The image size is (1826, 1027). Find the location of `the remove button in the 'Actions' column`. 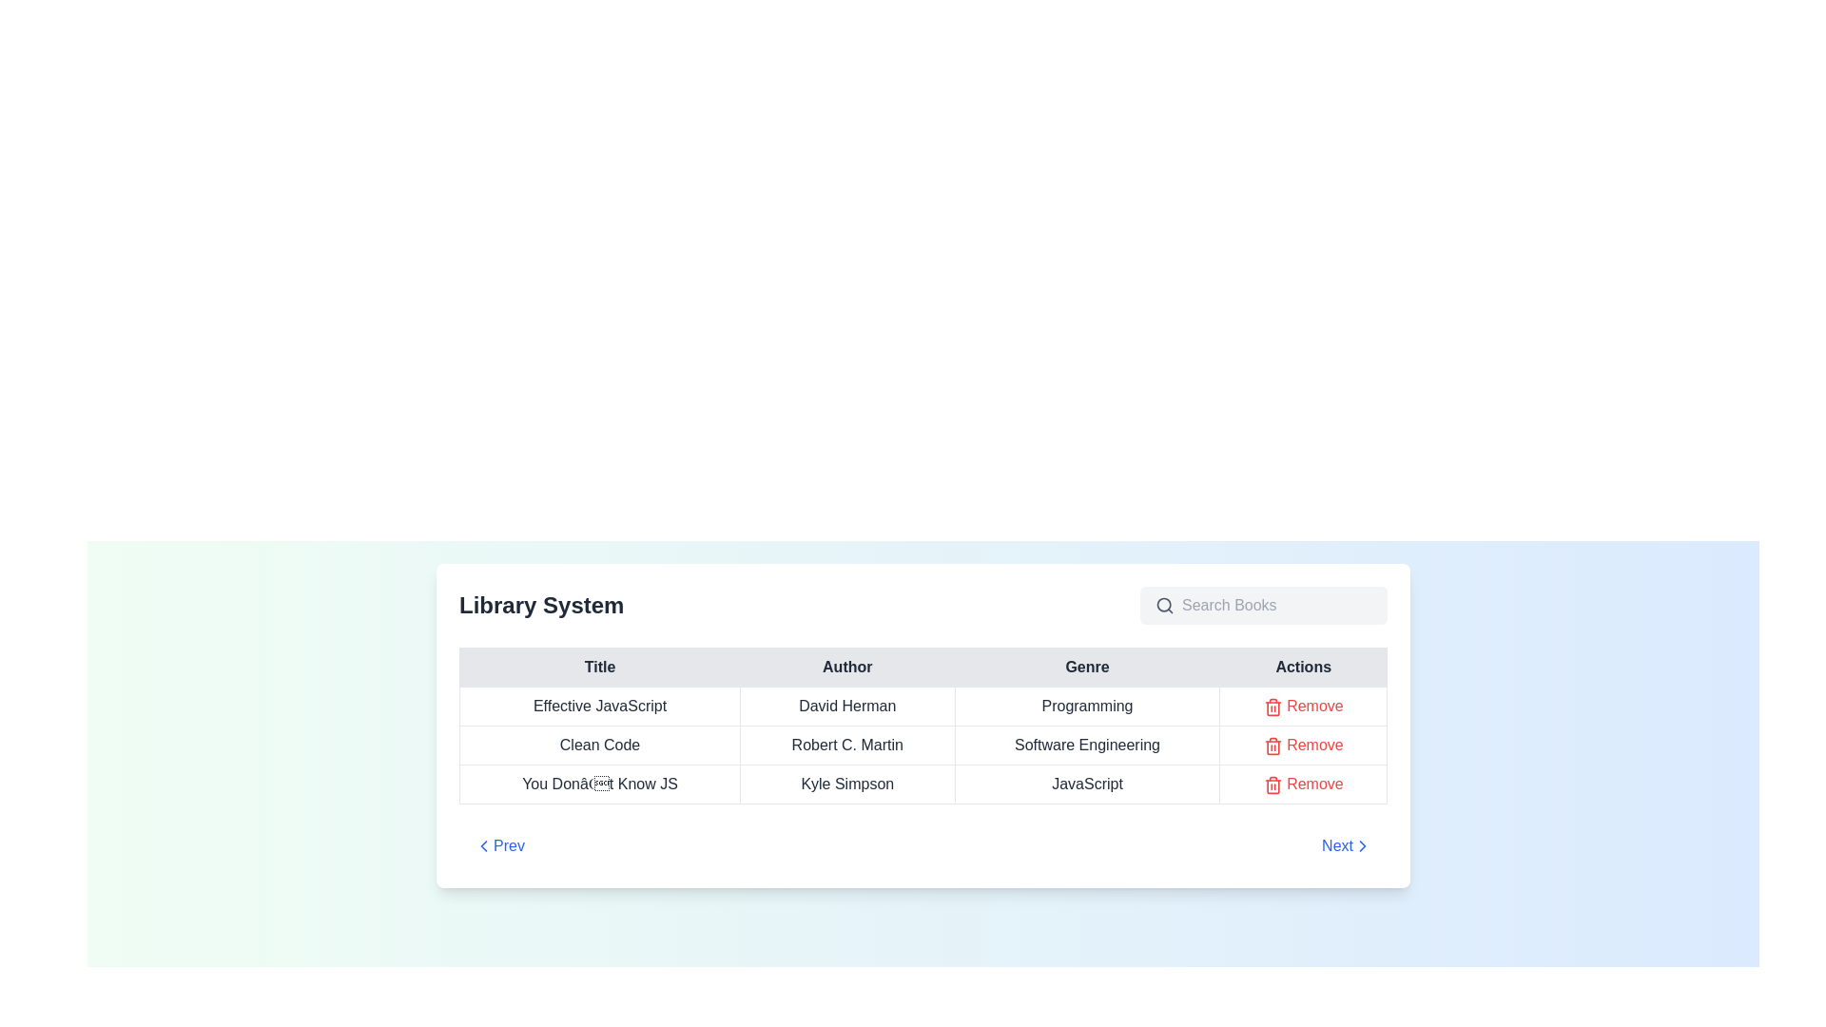

the remove button in the 'Actions' column is located at coordinates (1302, 785).